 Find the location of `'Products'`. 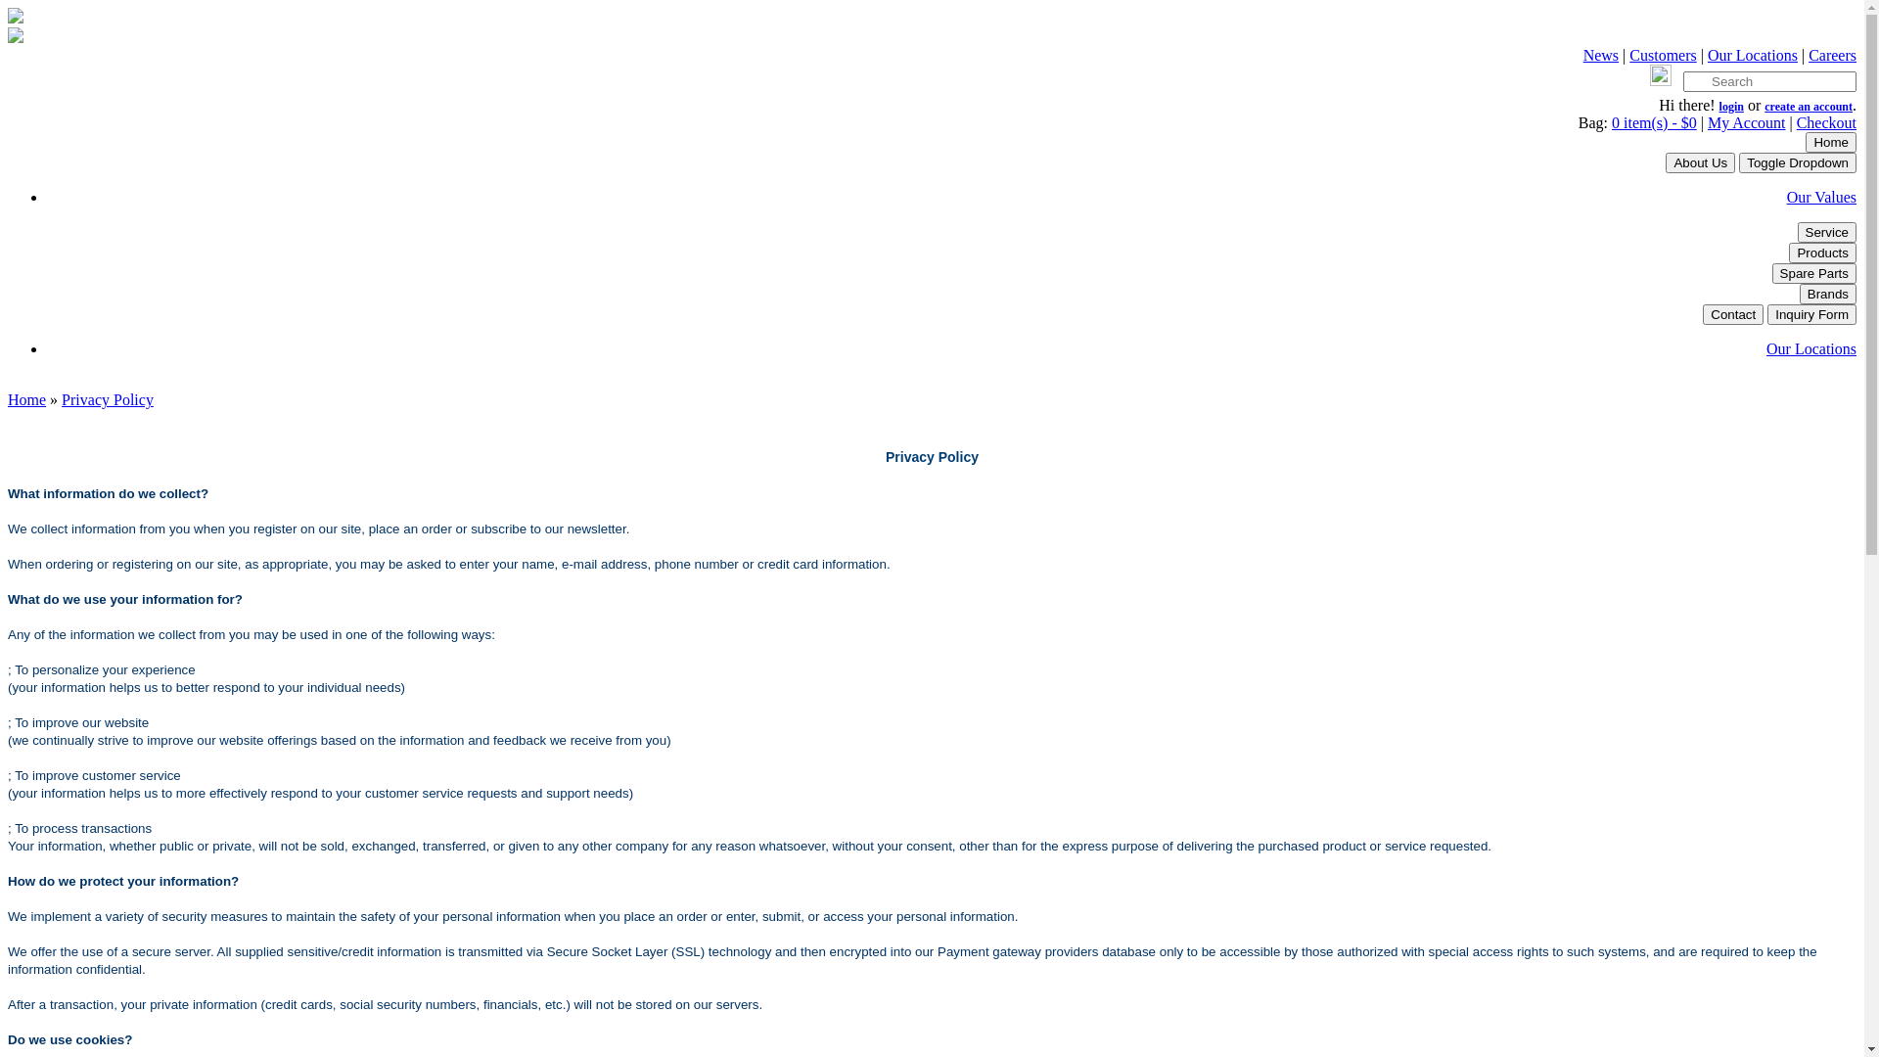

'Products' is located at coordinates (1821, 252).